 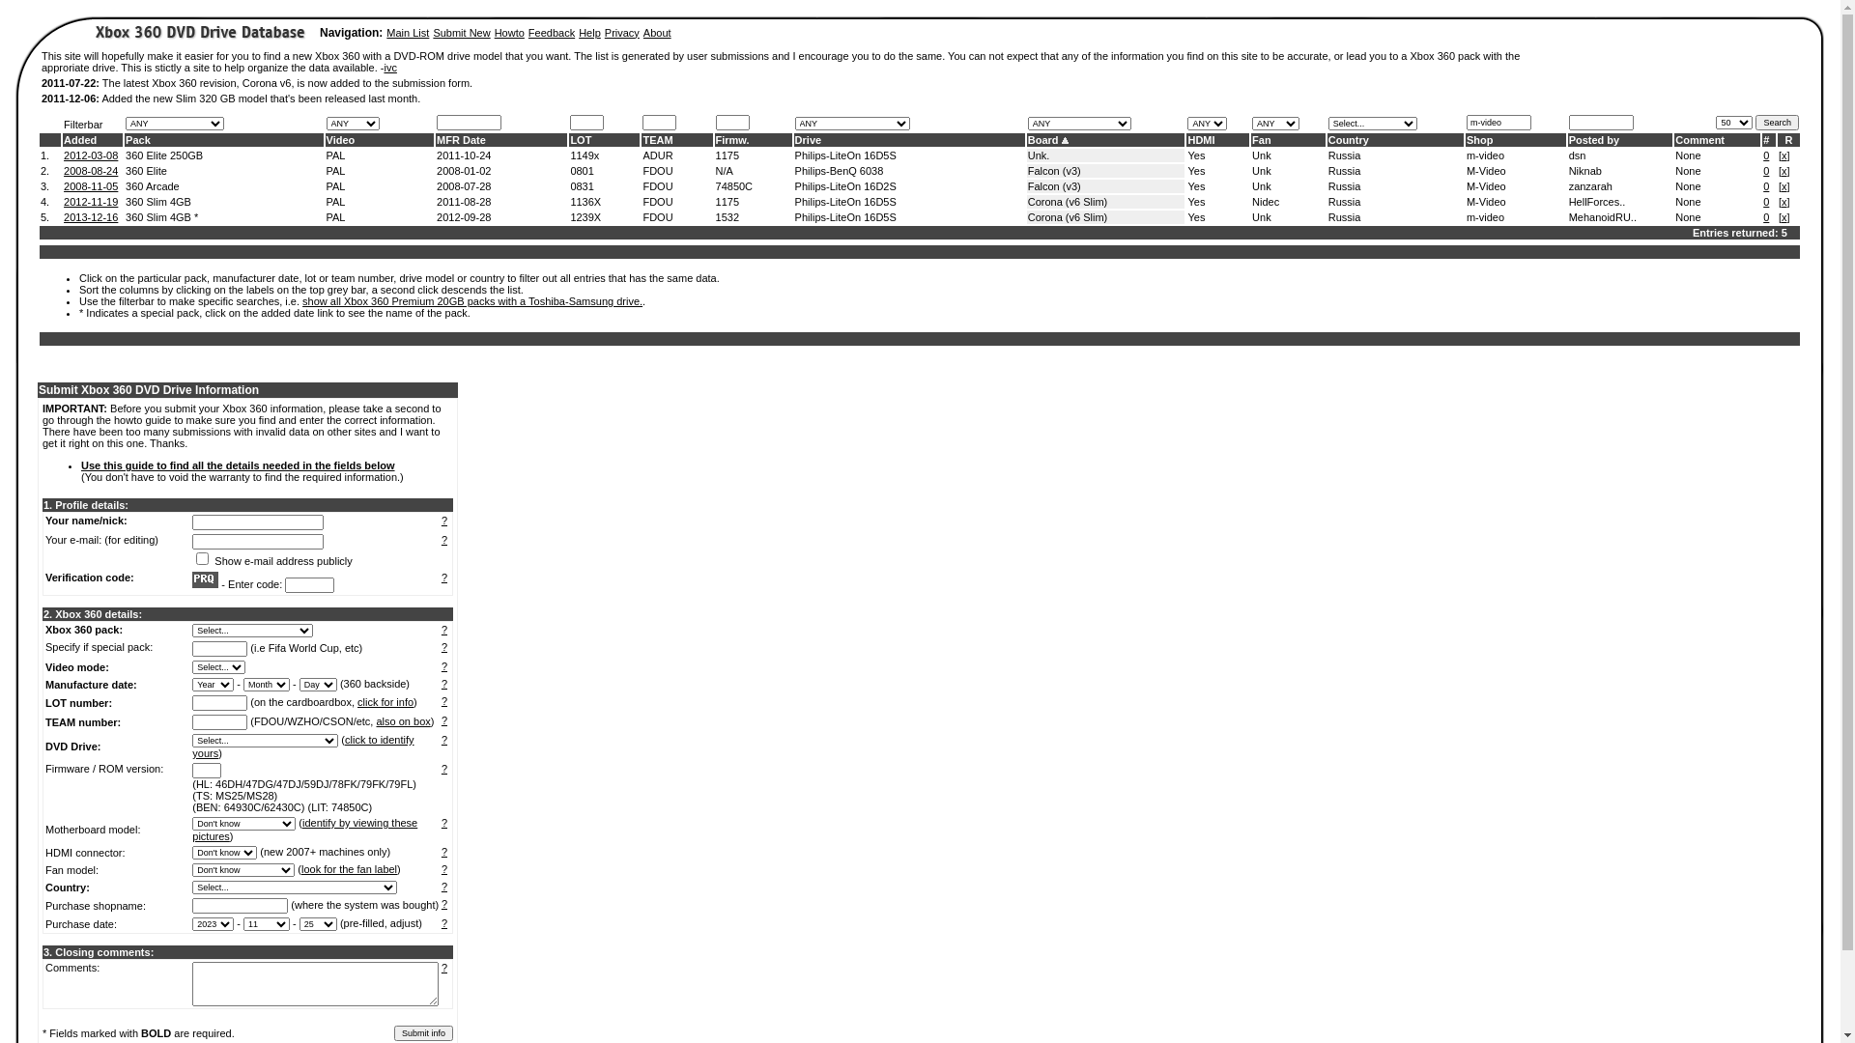 I want to click on 'Niknab', so click(x=1585, y=170).